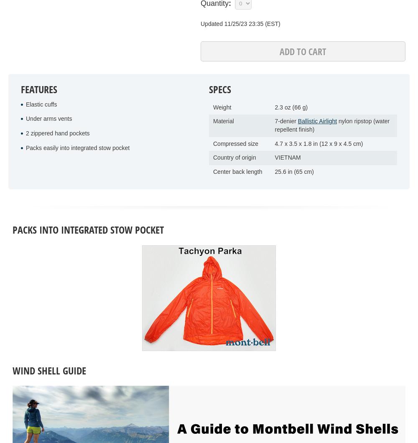 This screenshot has width=418, height=443. What do you see at coordinates (26, 147) in the screenshot?
I see `'Packs easily into integrated stow pocket'` at bounding box center [26, 147].